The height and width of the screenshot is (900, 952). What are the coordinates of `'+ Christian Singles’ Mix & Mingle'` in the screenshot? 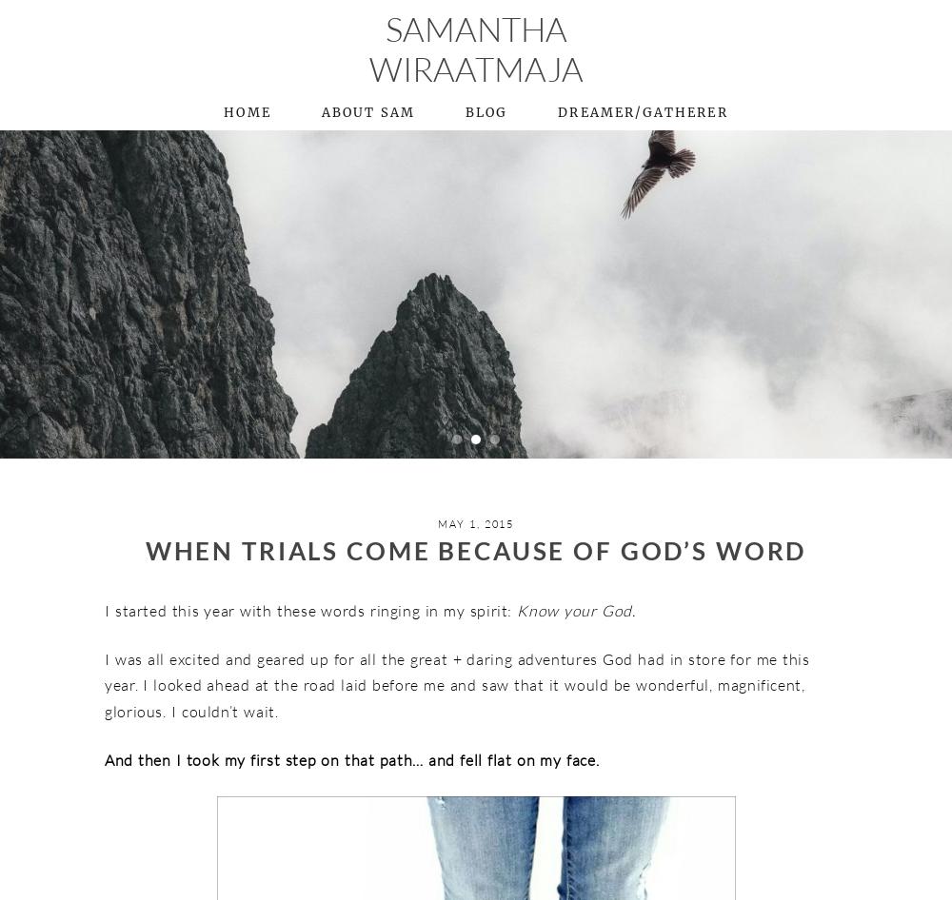 It's located at (576, 323).